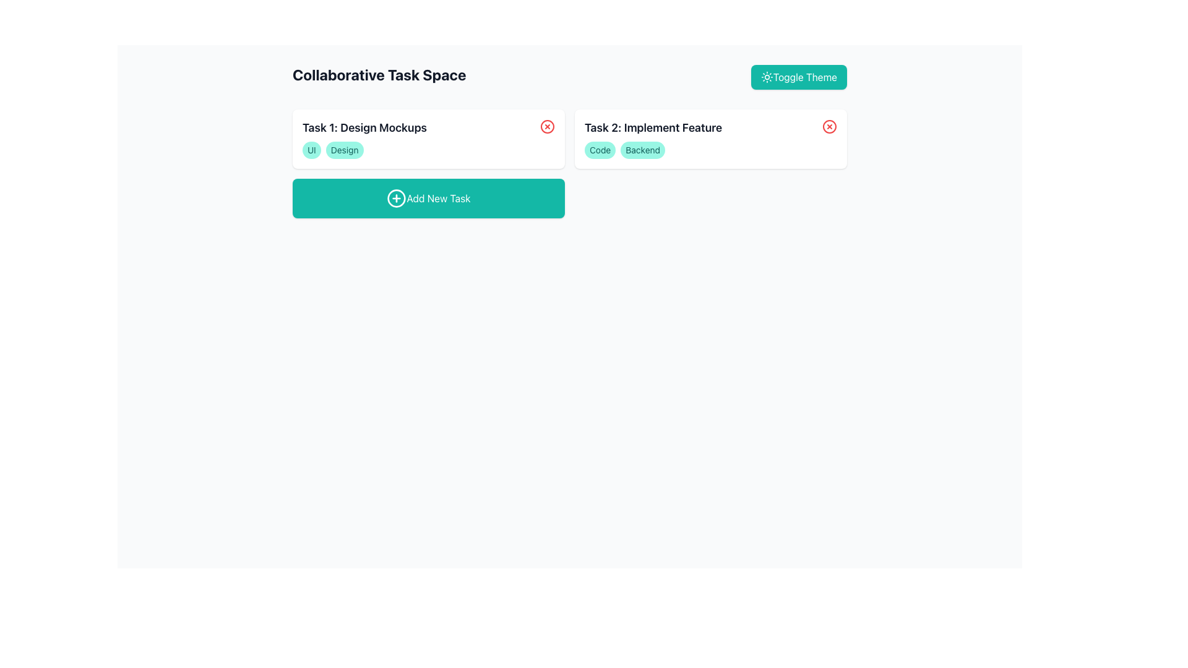 The image size is (1188, 668). Describe the element at coordinates (829, 126) in the screenshot. I see `the circular close button element located within the task card titled 'Task 2: Implement Feature', which is styled in red and signifies a delete action` at that location.